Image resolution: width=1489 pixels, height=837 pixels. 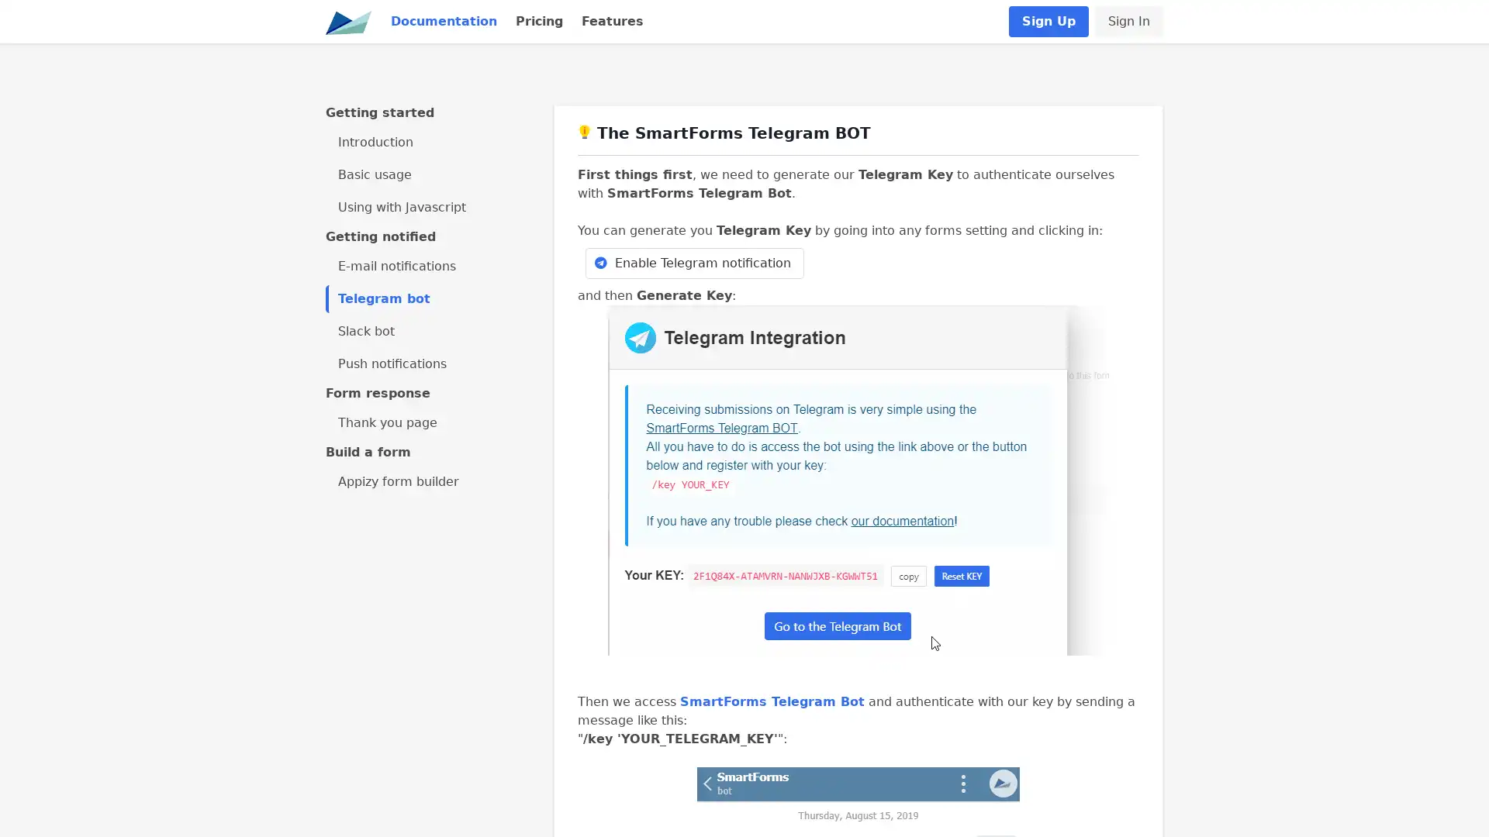 What do you see at coordinates (694, 262) in the screenshot?
I see `Enable Telegram notification` at bounding box center [694, 262].